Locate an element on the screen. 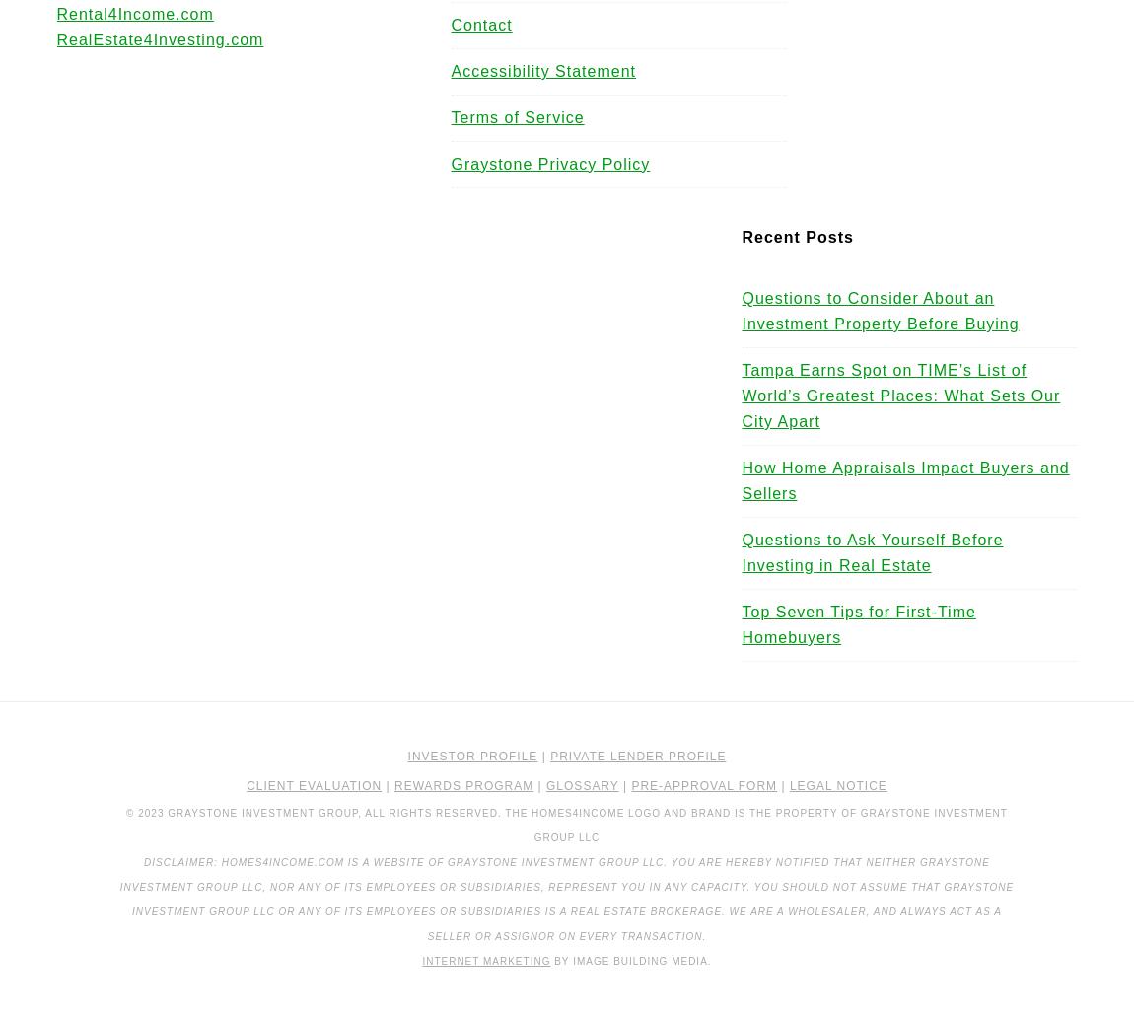  'Internet Marketing' is located at coordinates (486, 961).